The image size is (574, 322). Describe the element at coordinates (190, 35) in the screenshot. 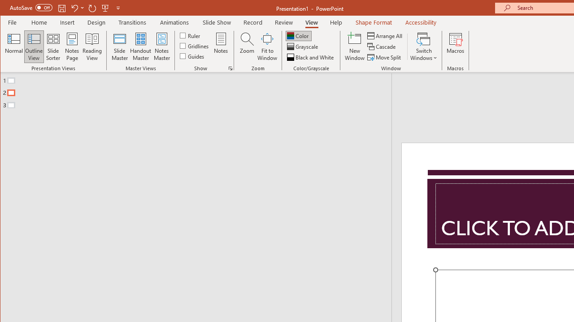

I see `'Ruler'` at that location.